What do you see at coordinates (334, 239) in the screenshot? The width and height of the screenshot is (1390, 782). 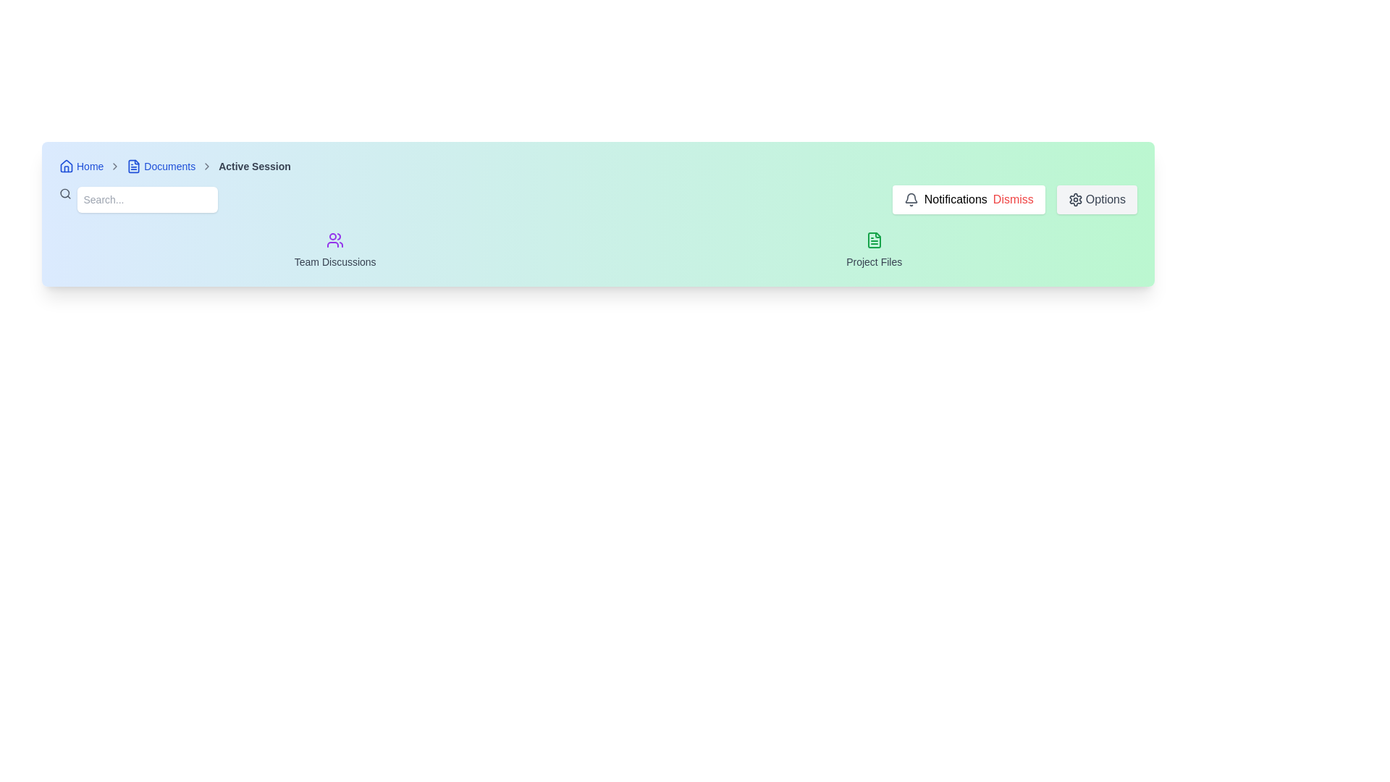 I see `the Icon representing team discussions, which is located above the text 'Team Discussions' in the middle-left of the interface` at bounding box center [334, 239].